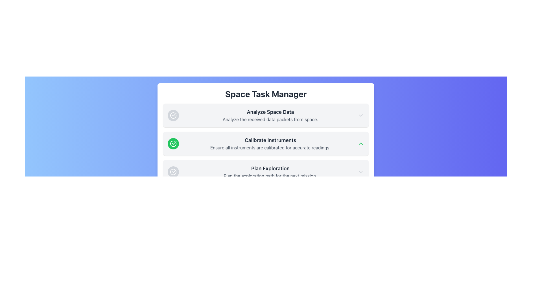 This screenshot has width=542, height=305. Describe the element at coordinates (270, 112) in the screenshot. I see `the static text label 'Analyze Space Data', which is styled in bold and larger font, located at the top of the task card in the UI` at that location.